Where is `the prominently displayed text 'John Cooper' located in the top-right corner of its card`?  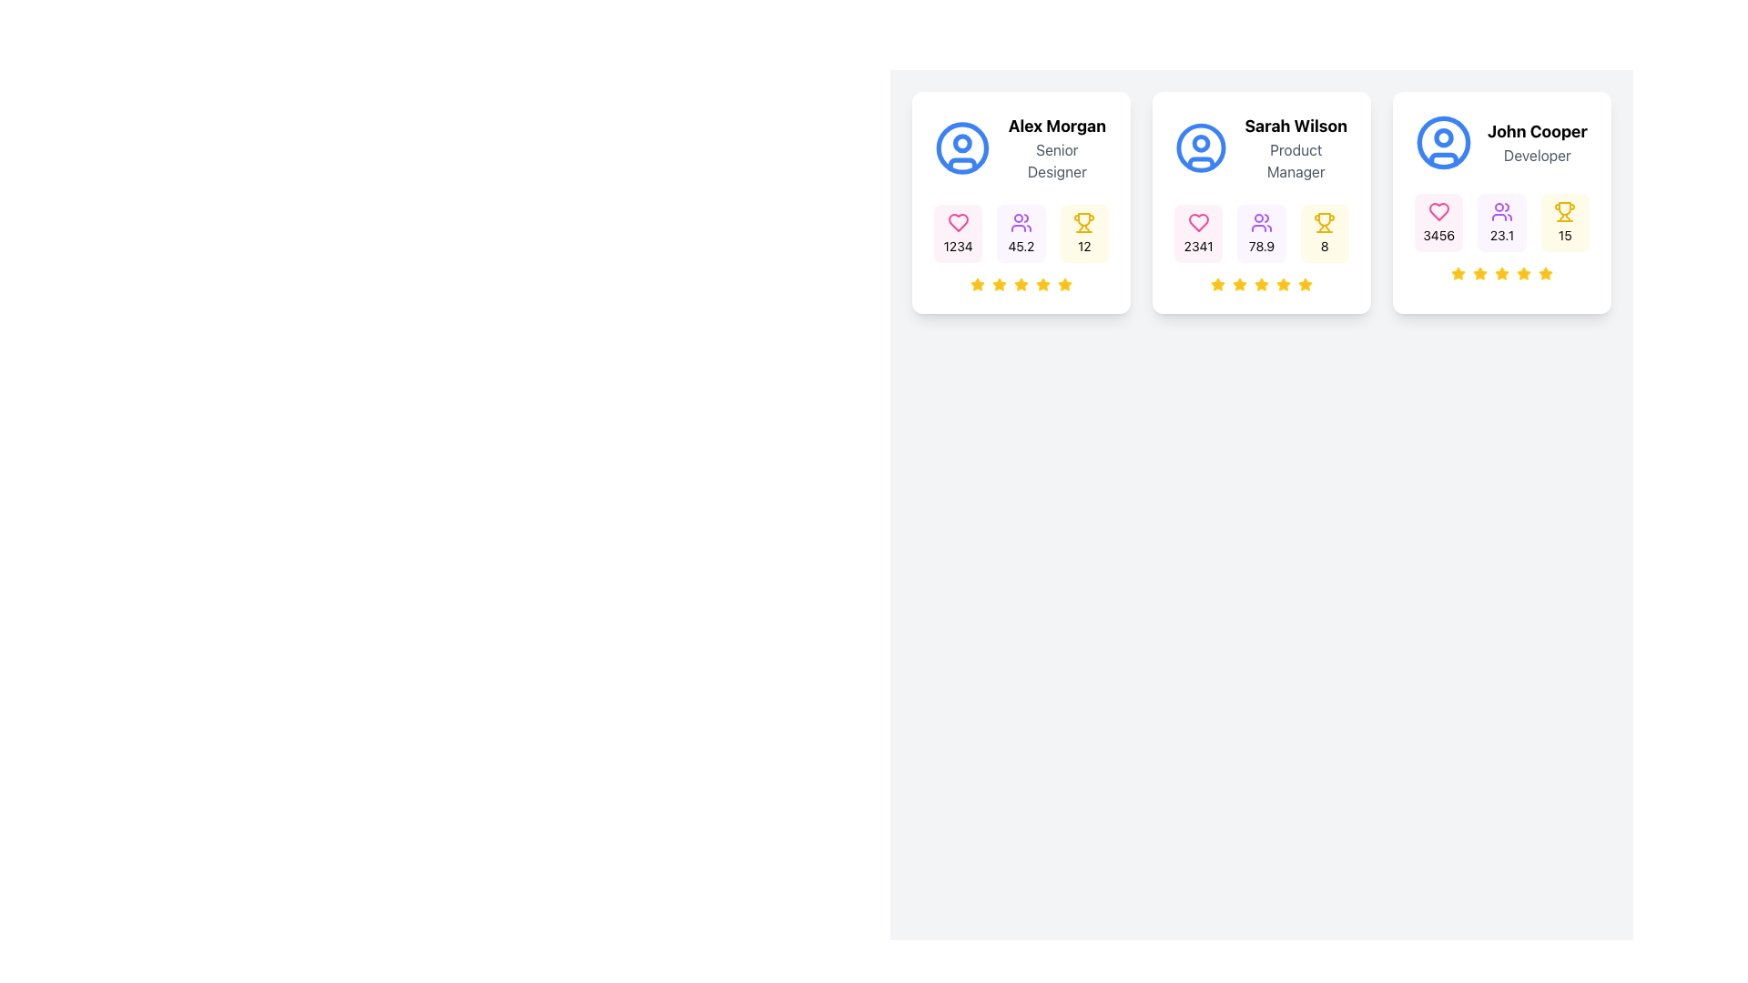
the prominently displayed text 'John Cooper' located in the top-right corner of its card is located at coordinates (1536, 131).